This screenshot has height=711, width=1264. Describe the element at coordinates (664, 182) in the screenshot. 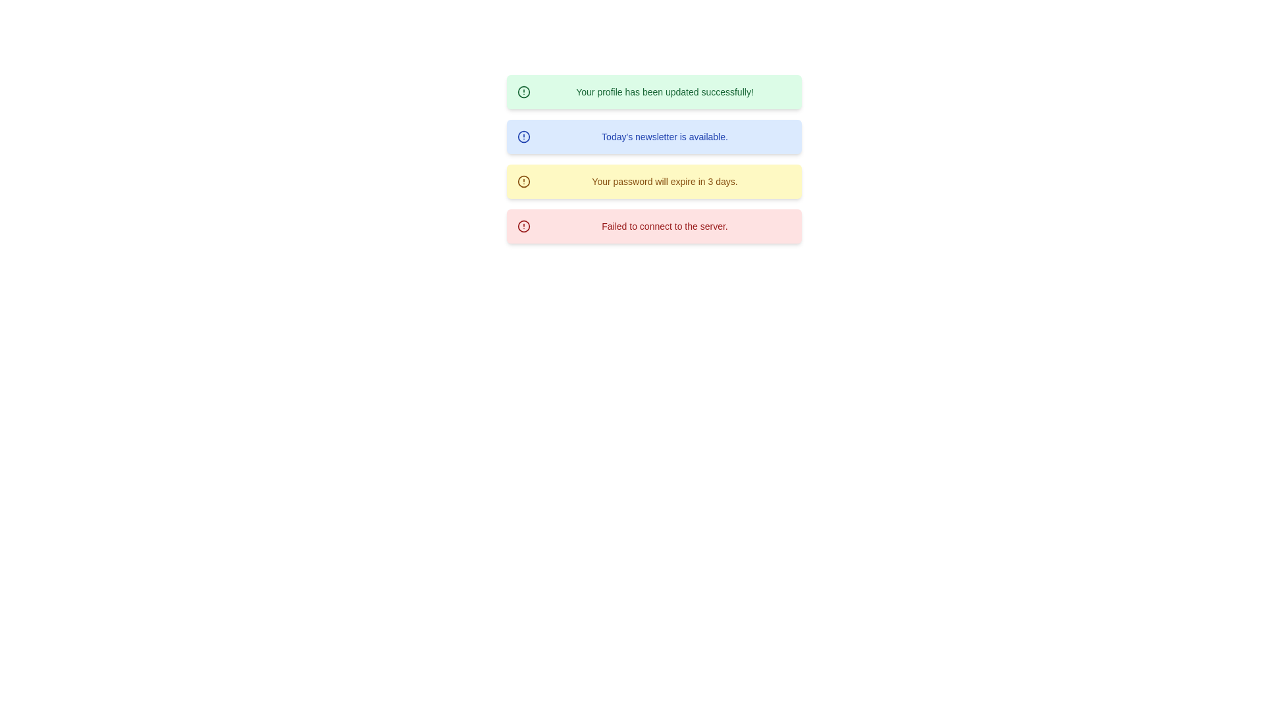

I see `notification text about password expiration status, which is centrally placed in the third notification panel, between a newsletter panel and a connection issue panel` at that location.